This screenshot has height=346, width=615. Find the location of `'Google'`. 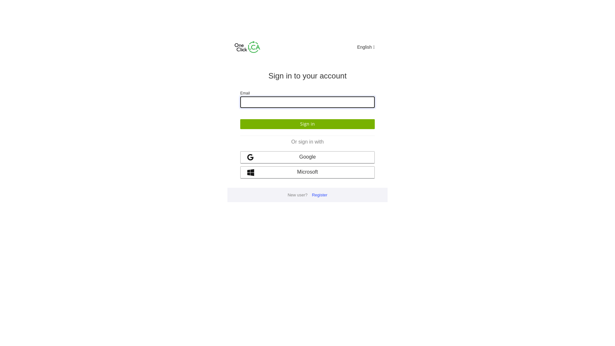

'Google' is located at coordinates (307, 157).